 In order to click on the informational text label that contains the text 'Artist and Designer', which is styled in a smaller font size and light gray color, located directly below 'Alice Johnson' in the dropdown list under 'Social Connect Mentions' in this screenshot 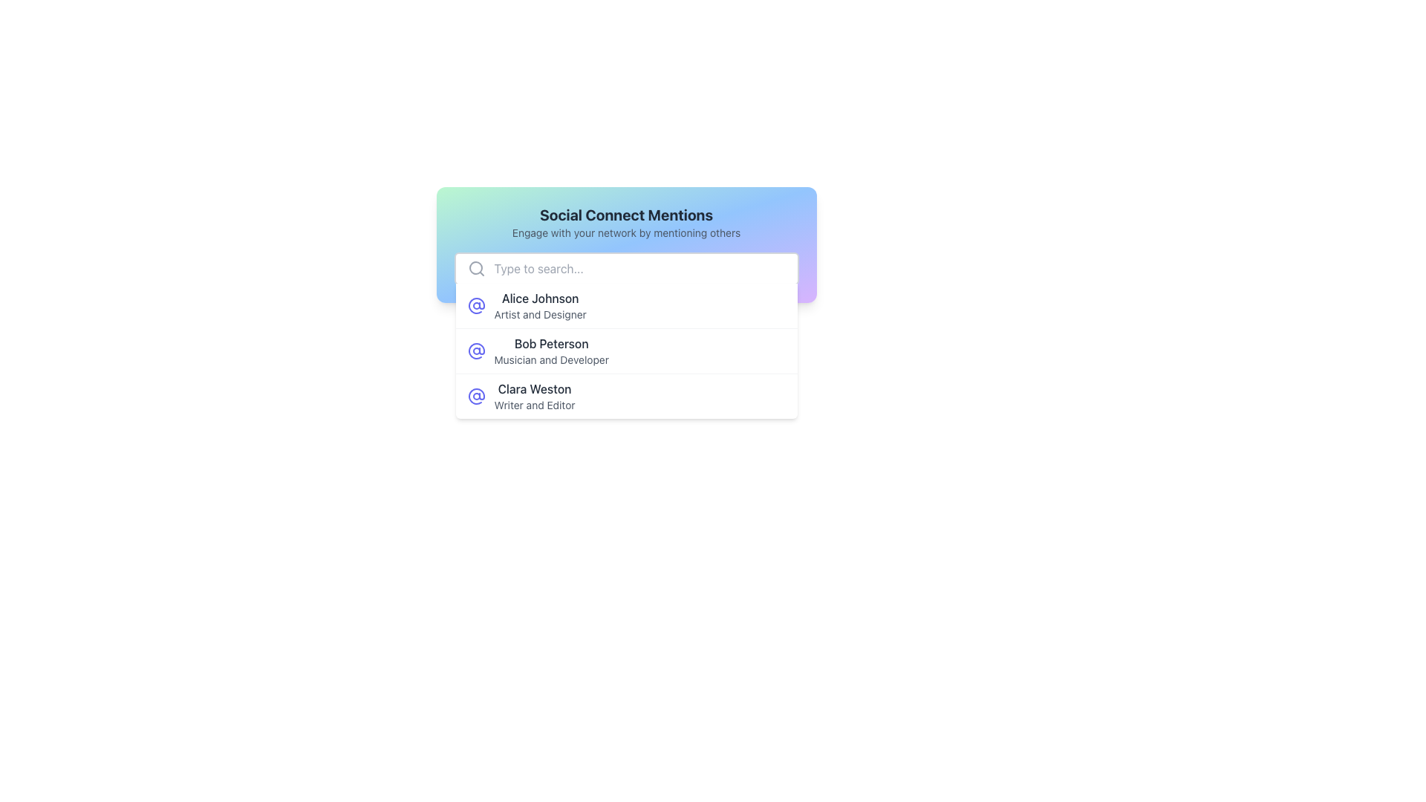, I will do `click(539, 314)`.